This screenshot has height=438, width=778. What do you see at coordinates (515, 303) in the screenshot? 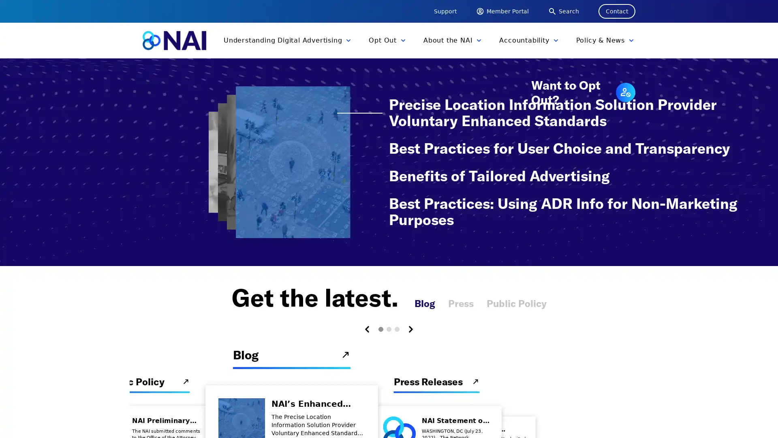
I see `Public Policy` at bounding box center [515, 303].